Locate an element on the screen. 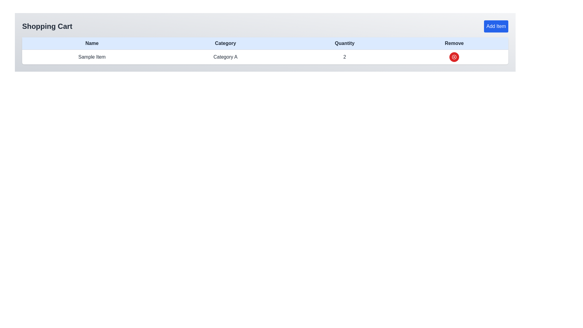 The height and width of the screenshot is (328, 583). the Text label that indicates the category of the associated item in the table's 'Category' column, located between 'Sample Item' and '2' is located at coordinates (225, 57).